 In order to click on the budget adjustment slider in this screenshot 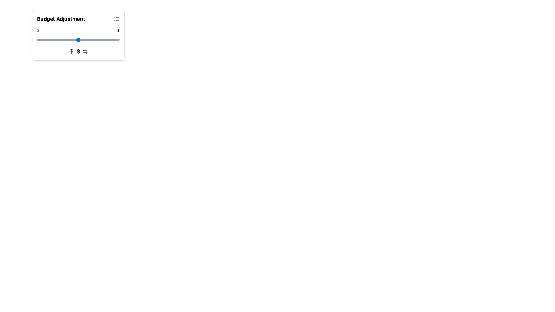, I will do `click(72, 40)`.